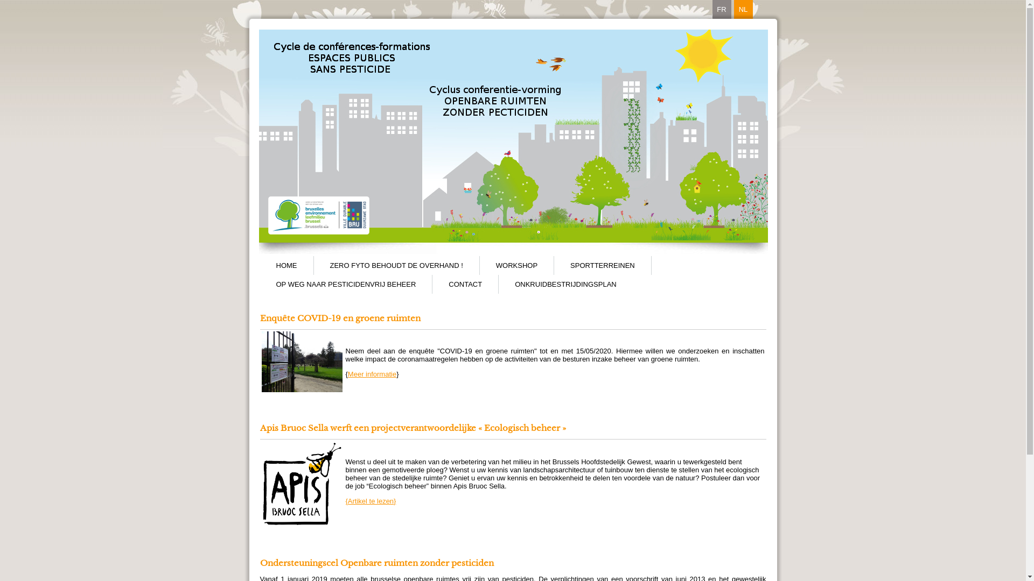  I want to click on 'ONKRUIDBESTRIJDINGSPLAN', so click(565, 284).